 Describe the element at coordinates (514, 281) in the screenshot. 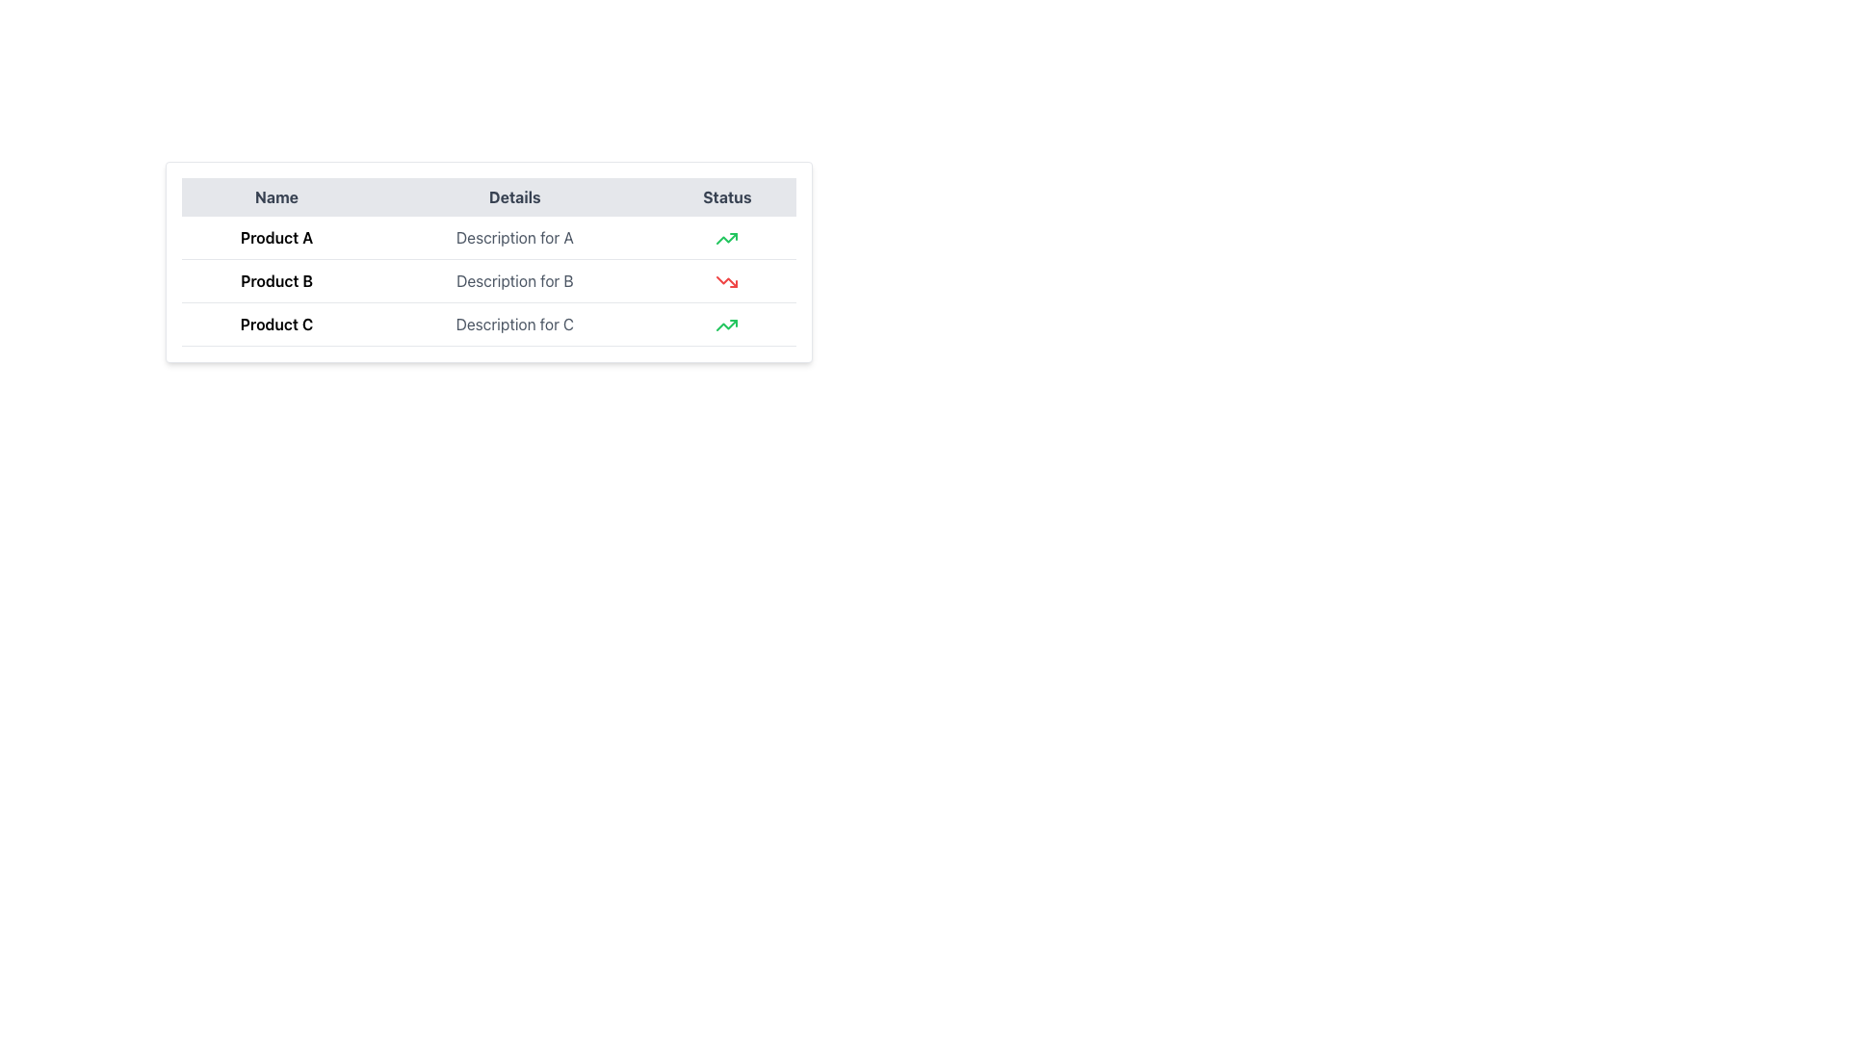

I see `the static text label displaying 'Description for B', which is located in the second row of the 'Details' column in a three-column table` at that location.